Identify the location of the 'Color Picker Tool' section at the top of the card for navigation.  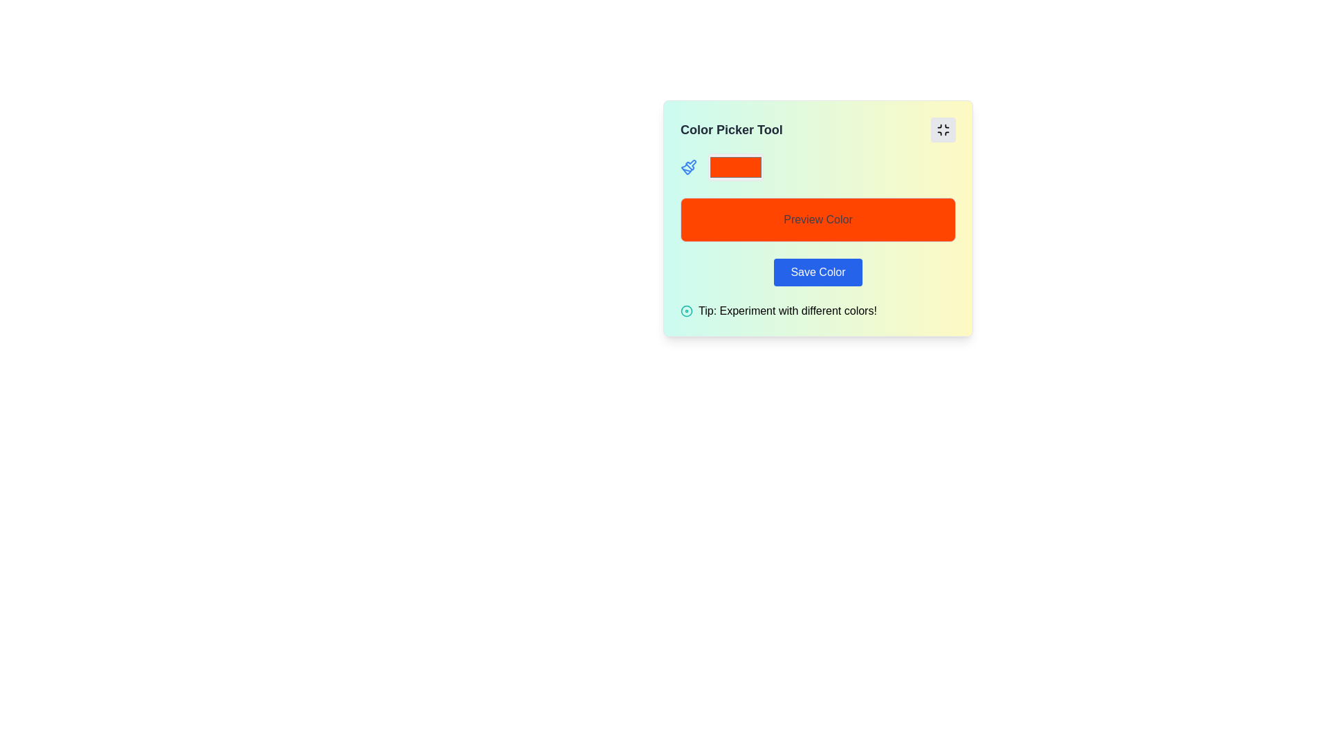
(818, 130).